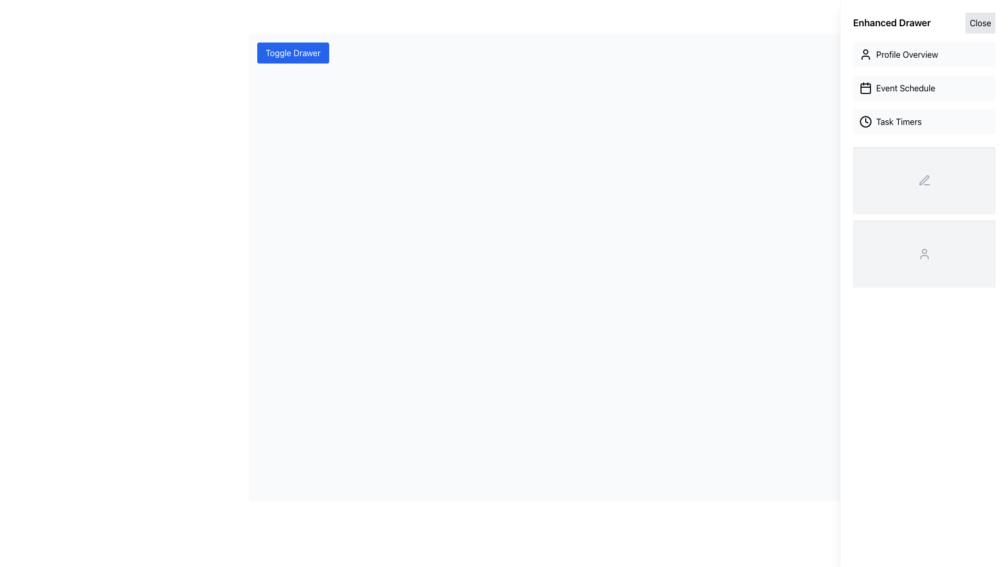  Describe the element at coordinates (924, 180) in the screenshot. I see `the first rectangular block with a gray background containing a centered pen icon, located in the right-hand sidebar after the 'Task Timers' text item` at that location.